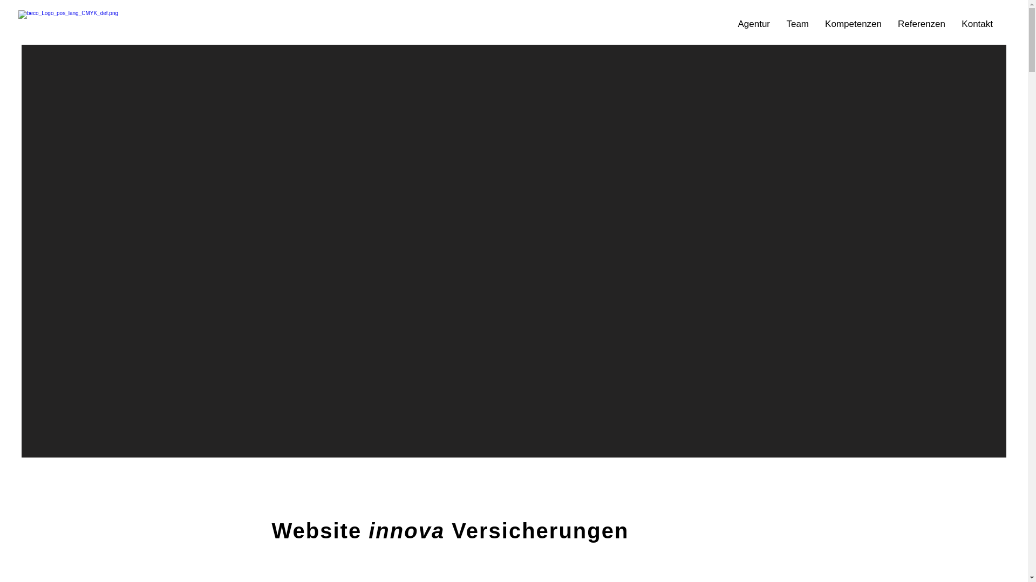  Describe the element at coordinates (798, 24) in the screenshot. I see `'Team'` at that location.